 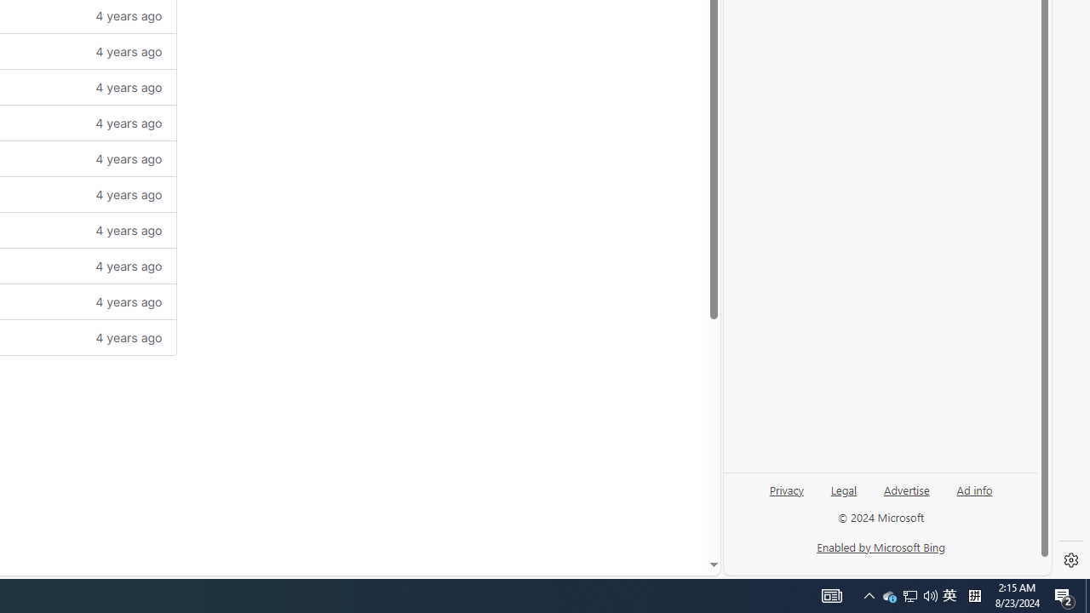 I want to click on 'Privacy', so click(x=785, y=496).